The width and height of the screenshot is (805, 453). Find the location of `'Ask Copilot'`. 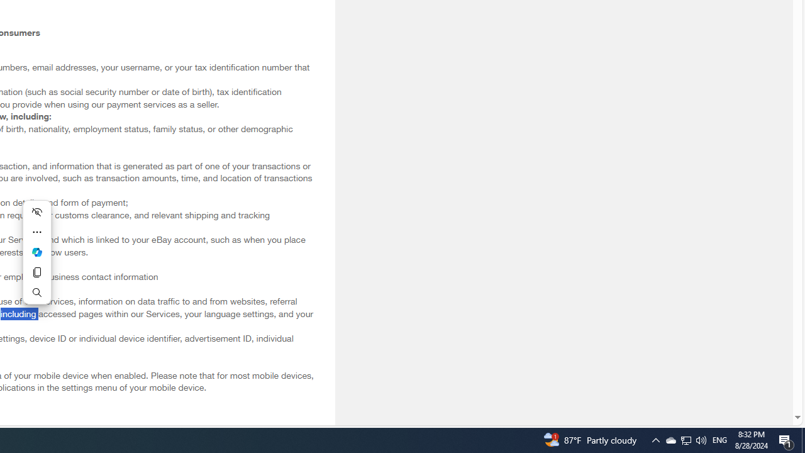

'Ask Copilot' is located at coordinates (36, 252).